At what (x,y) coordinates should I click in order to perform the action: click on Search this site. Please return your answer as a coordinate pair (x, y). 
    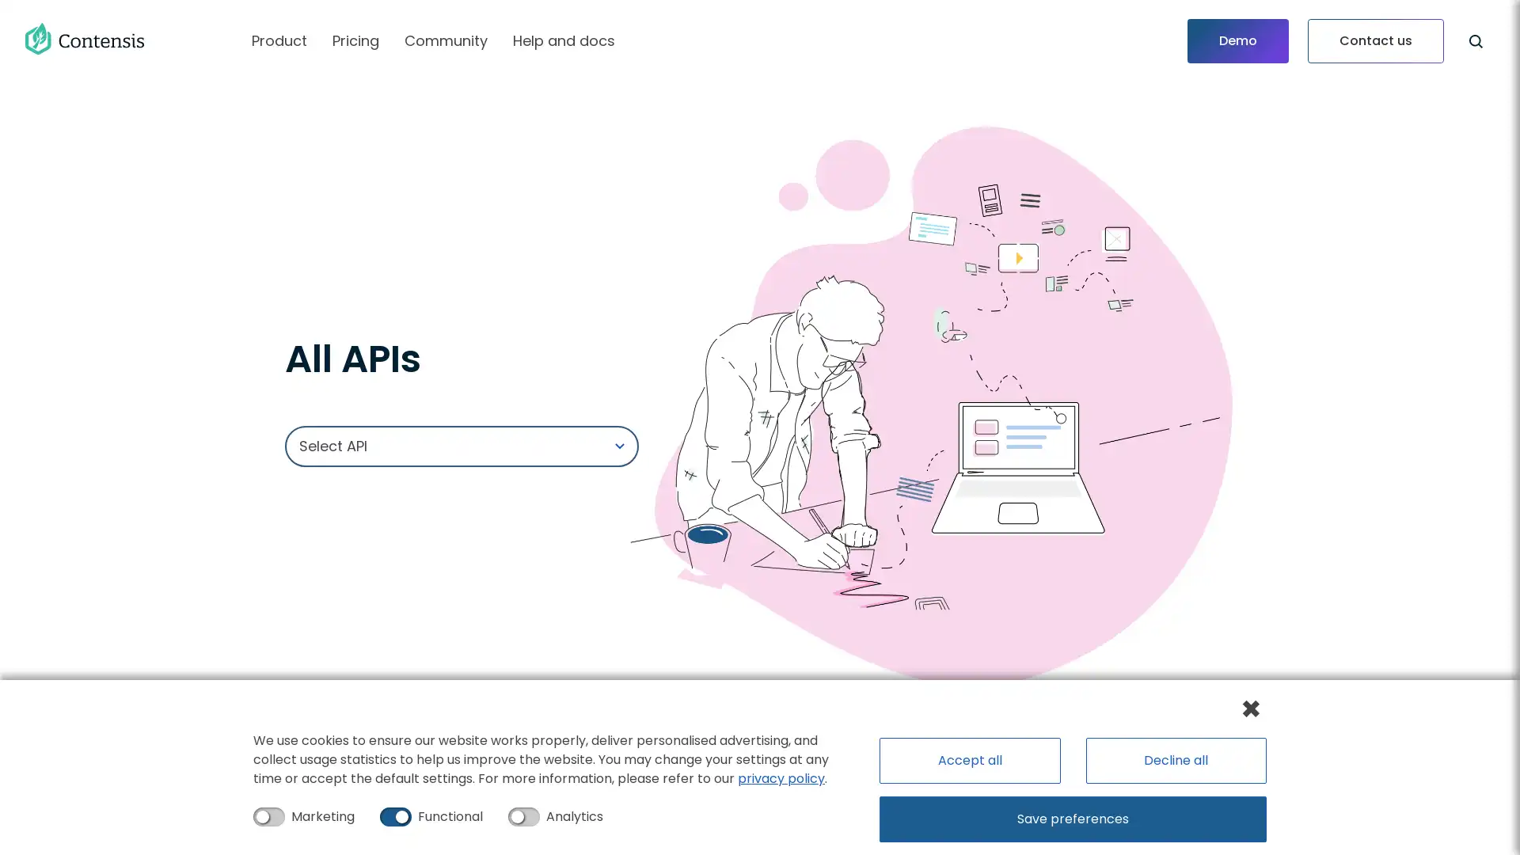
    Looking at the image, I should click on (1474, 40).